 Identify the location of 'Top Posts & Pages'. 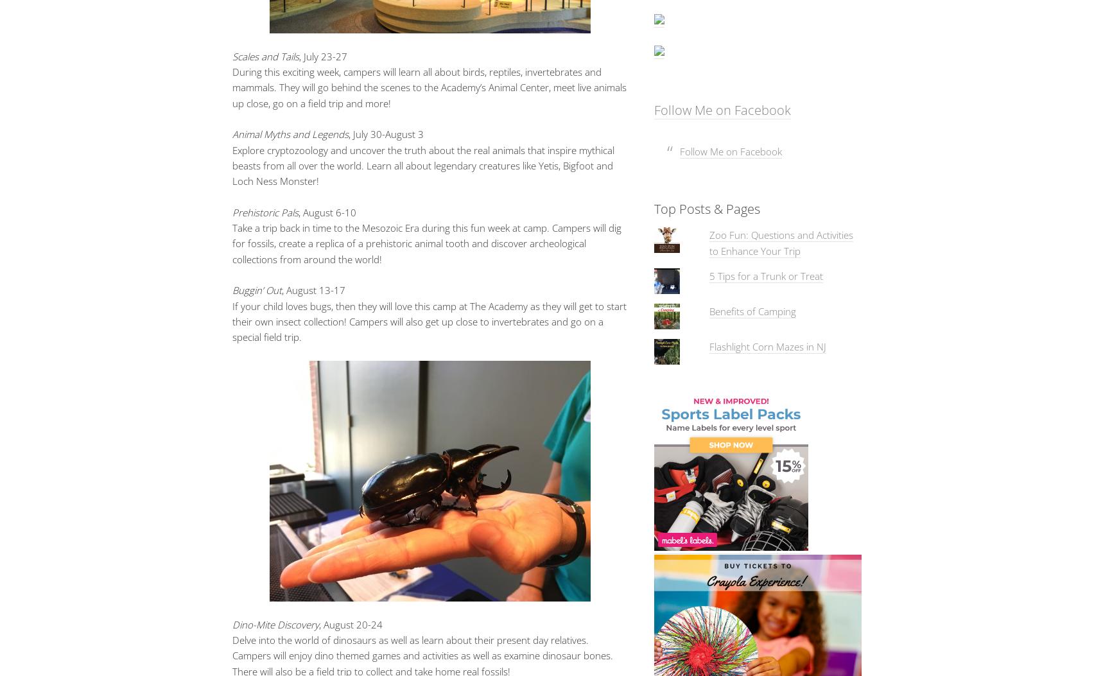
(706, 209).